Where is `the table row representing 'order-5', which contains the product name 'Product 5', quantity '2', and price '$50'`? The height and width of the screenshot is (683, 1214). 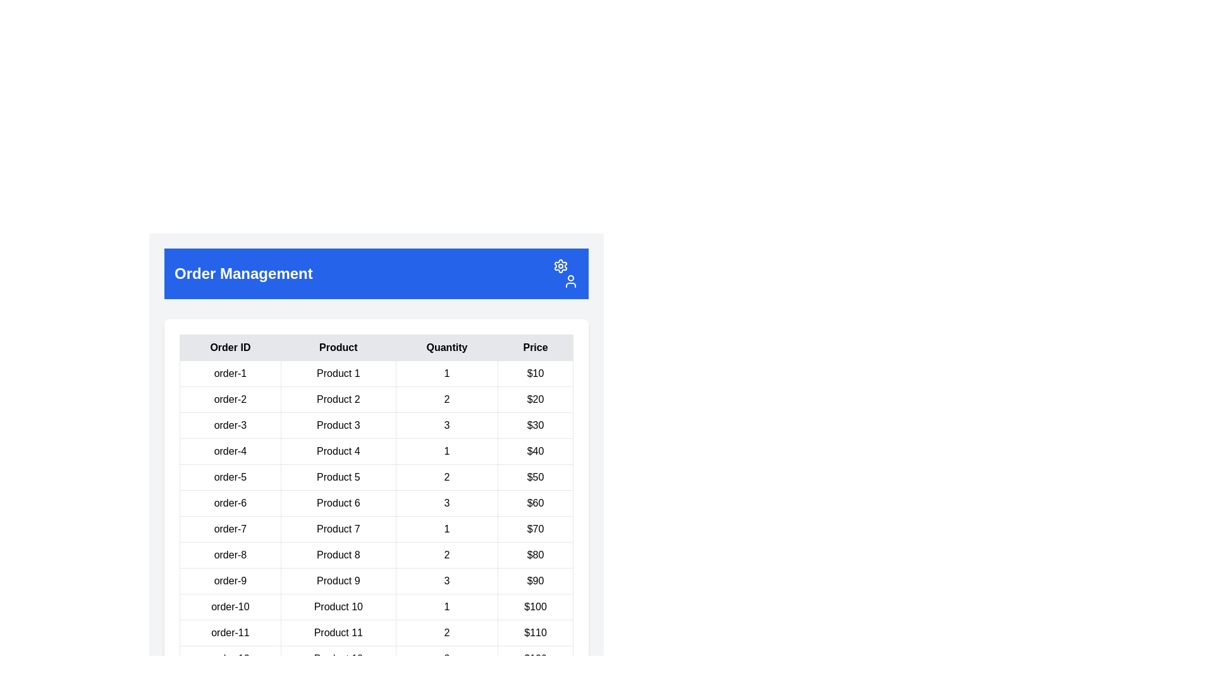
the table row representing 'order-5', which contains the product name 'Product 5', quantity '2', and price '$50' is located at coordinates (376, 477).